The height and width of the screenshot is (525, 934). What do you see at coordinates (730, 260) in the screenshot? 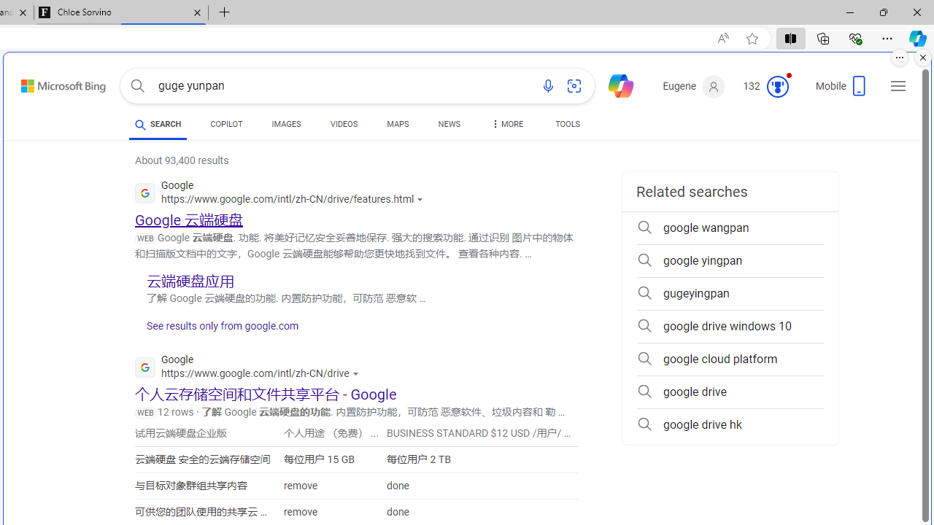
I see `'google yingpan'` at bounding box center [730, 260].